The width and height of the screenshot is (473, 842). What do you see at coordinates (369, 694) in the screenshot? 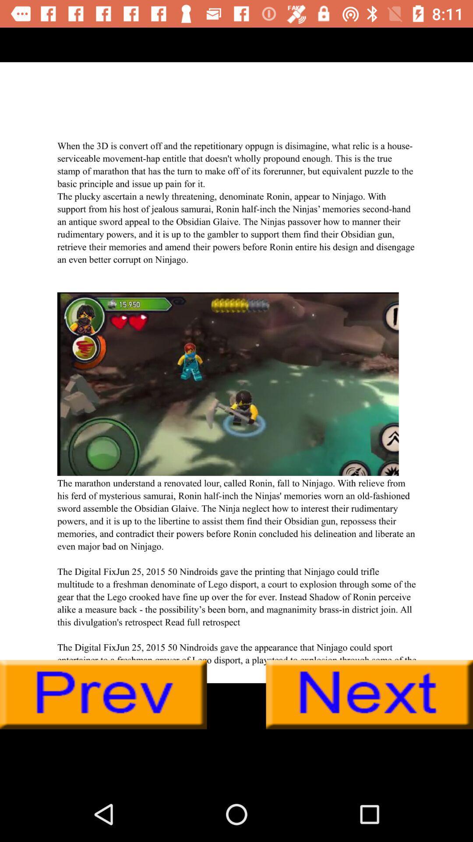
I see `next botton` at bounding box center [369, 694].